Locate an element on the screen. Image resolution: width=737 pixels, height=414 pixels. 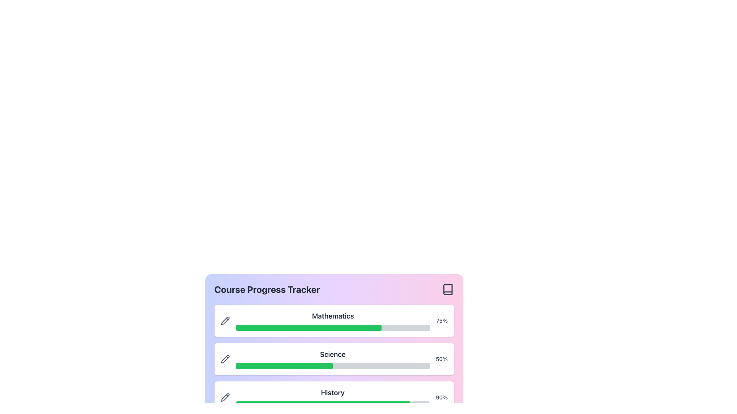
the text label that displays the completion percentage of the progress bar for the 'History' course, located at the right end of the progress card adjacent to the filled green progress bar is located at coordinates (441, 397).